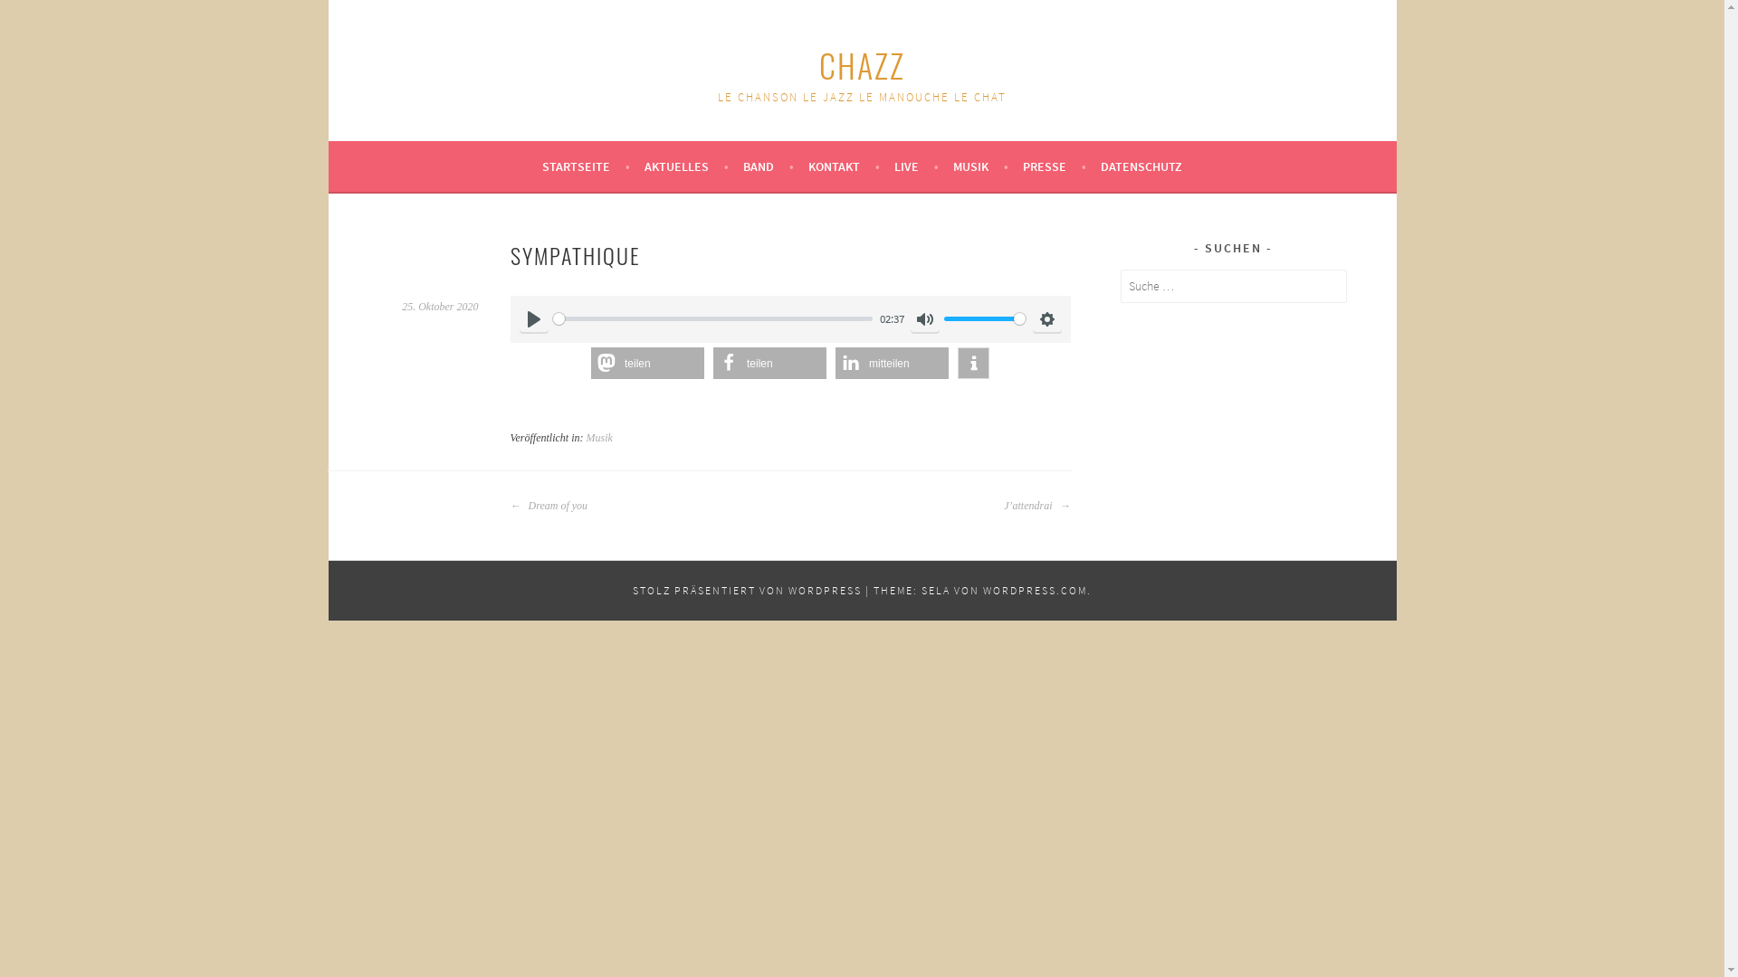 The height and width of the screenshot is (977, 1738). I want to click on 'Weitere Informationen', so click(972, 363).